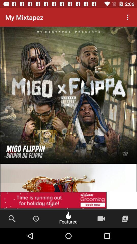 Image resolution: width=137 pixels, height=244 pixels. Describe the element at coordinates (68, 201) in the screenshot. I see `etc` at that location.